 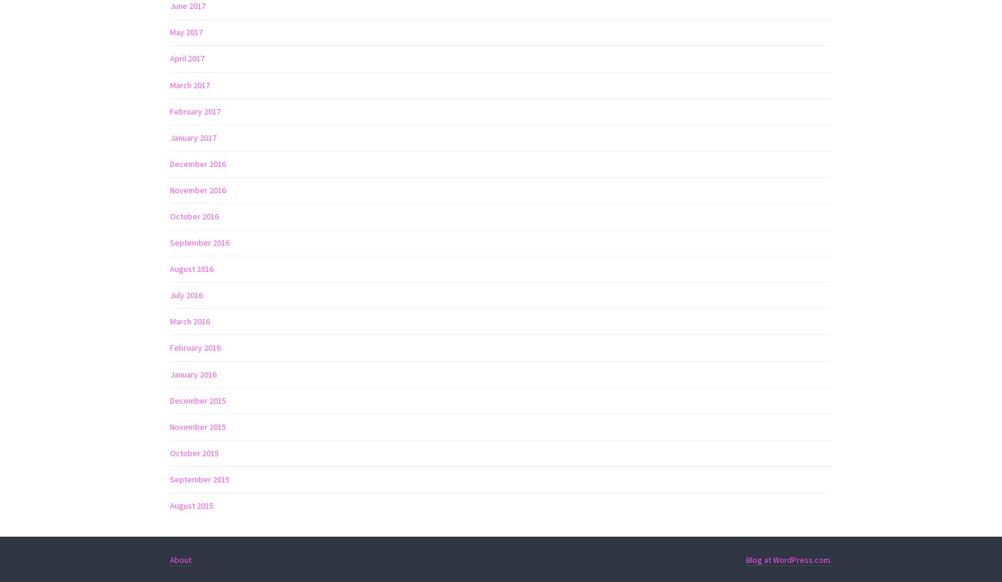 I want to click on 'February 2017', so click(x=195, y=110).